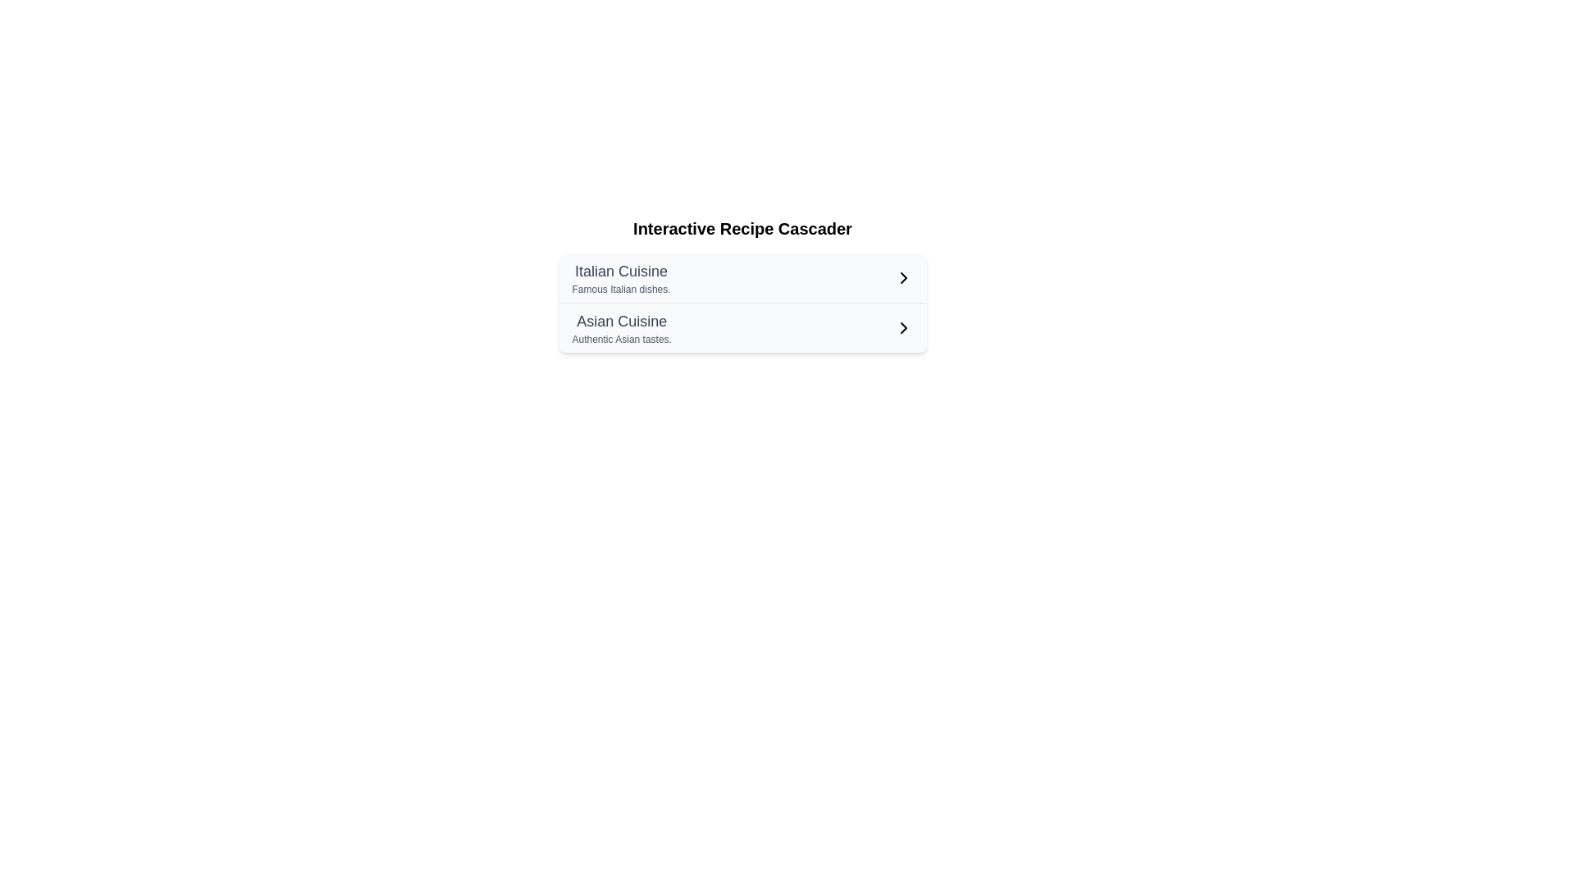  Describe the element at coordinates (620, 271) in the screenshot. I see `the Text Label that presents the title of the category in the 'Interactive Recipe Cascader' menu, which is located at the top of the list item followed by 'Famous Italian dishes.'` at that location.